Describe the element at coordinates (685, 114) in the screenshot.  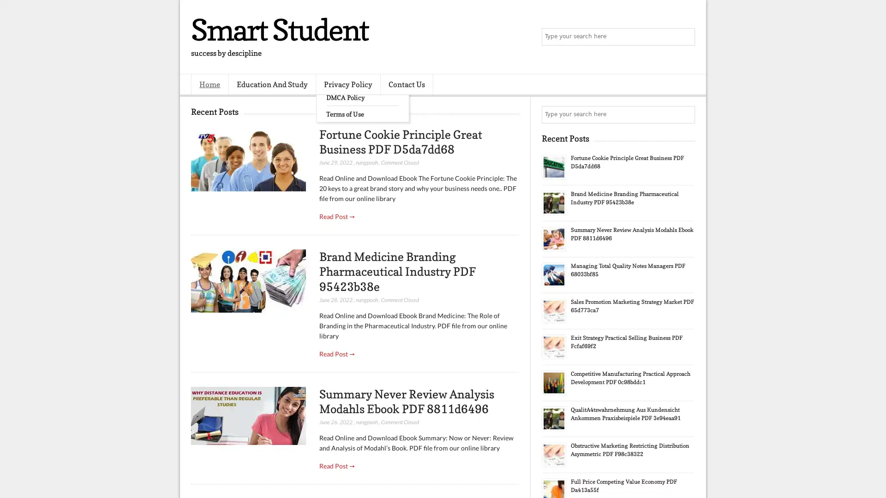
I see `Search` at that location.